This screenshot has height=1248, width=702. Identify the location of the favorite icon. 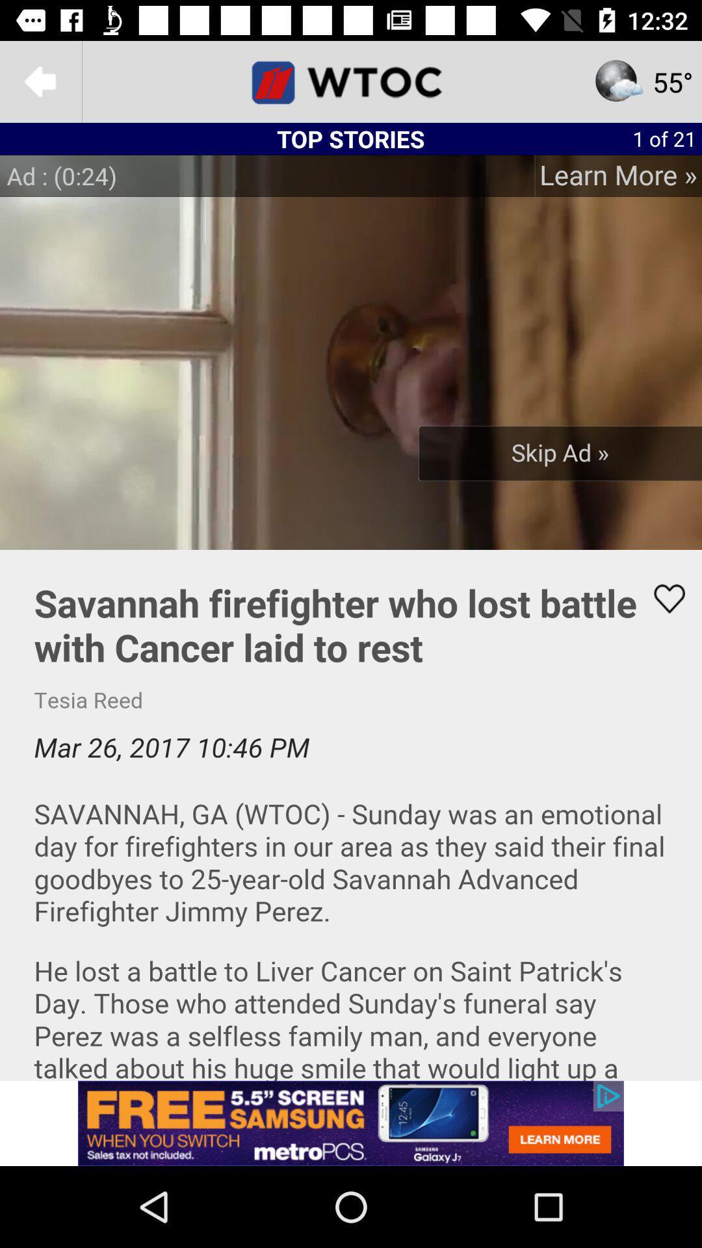
(661, 598).